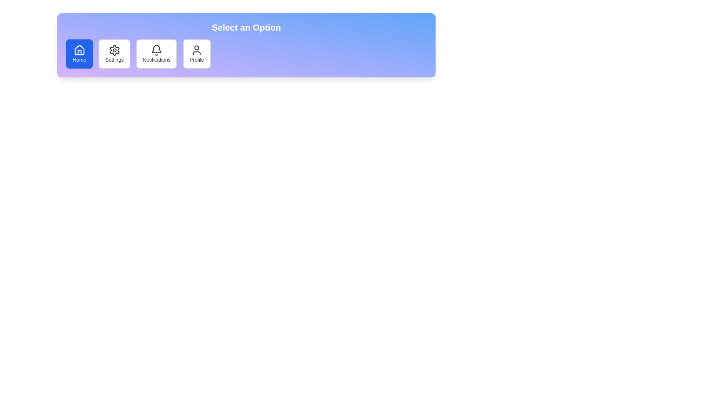  Describe the element at coordinates (79, 59) in the screenshot. I see `the 'Home' button, which is labeled with the text indicating navigation to the Home section` at that location.